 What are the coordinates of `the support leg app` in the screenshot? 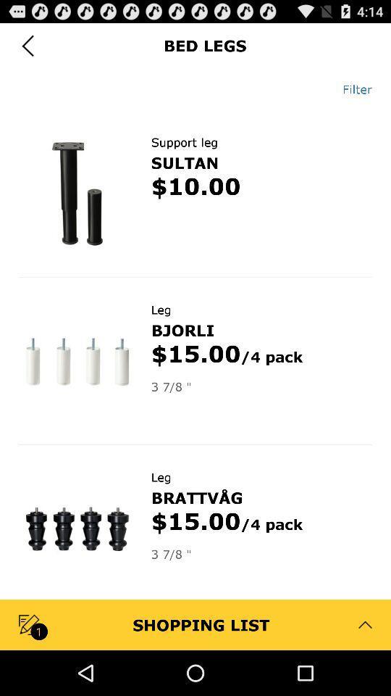 It's located at (184, 142).